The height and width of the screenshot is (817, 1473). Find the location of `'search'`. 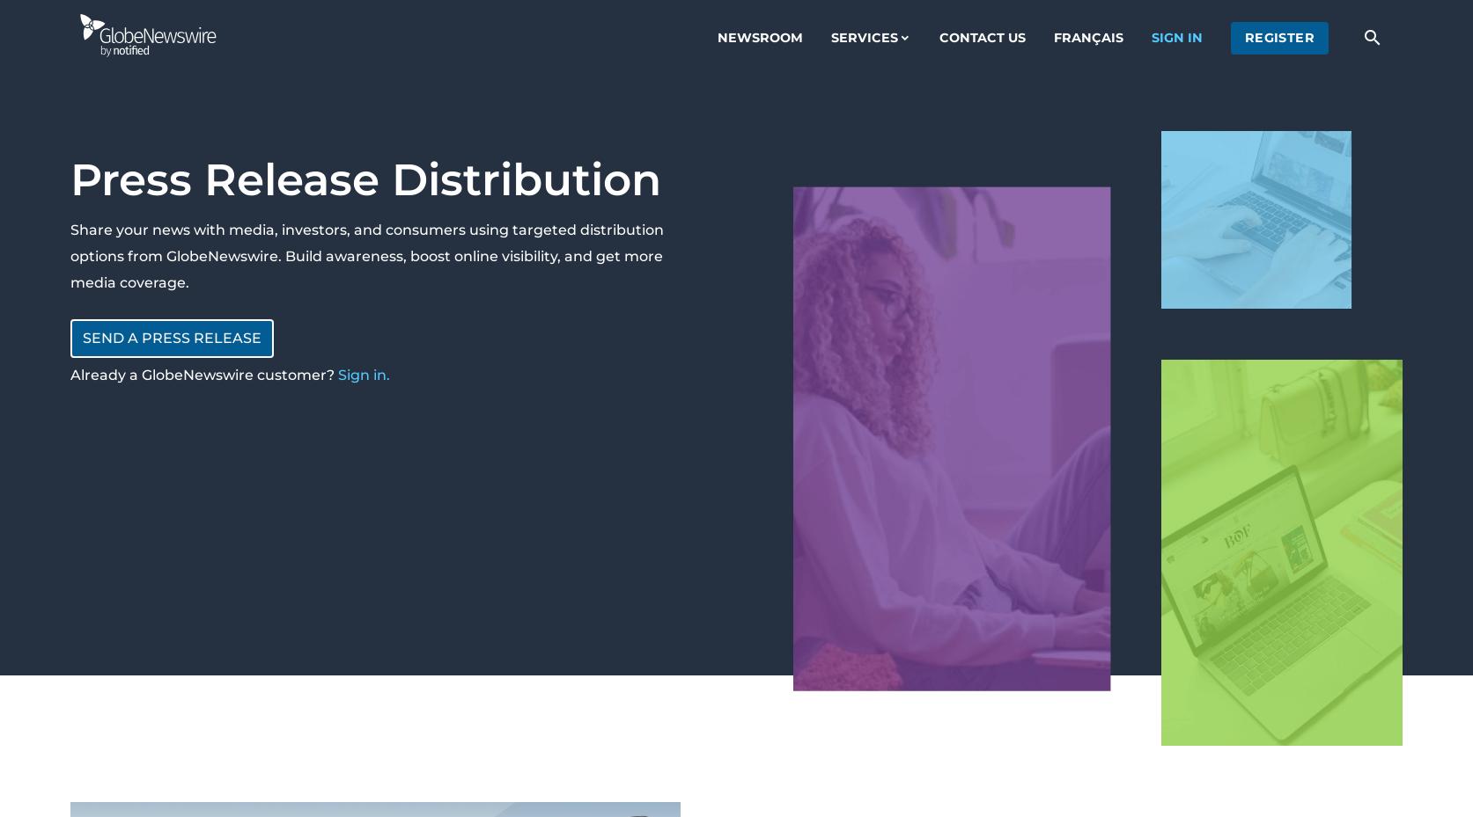

'search' is located at coordinates (1372, 35).